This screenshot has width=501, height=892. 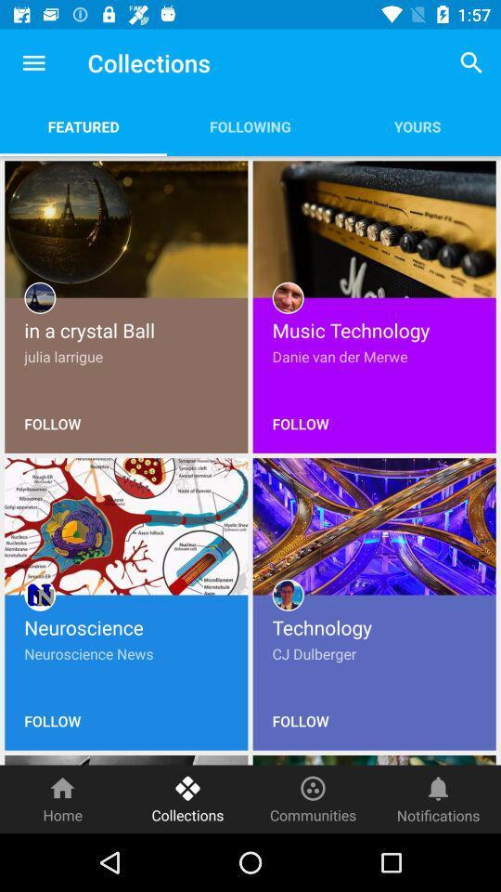 I want to click on the item below follow, so click(x=313, y=798).